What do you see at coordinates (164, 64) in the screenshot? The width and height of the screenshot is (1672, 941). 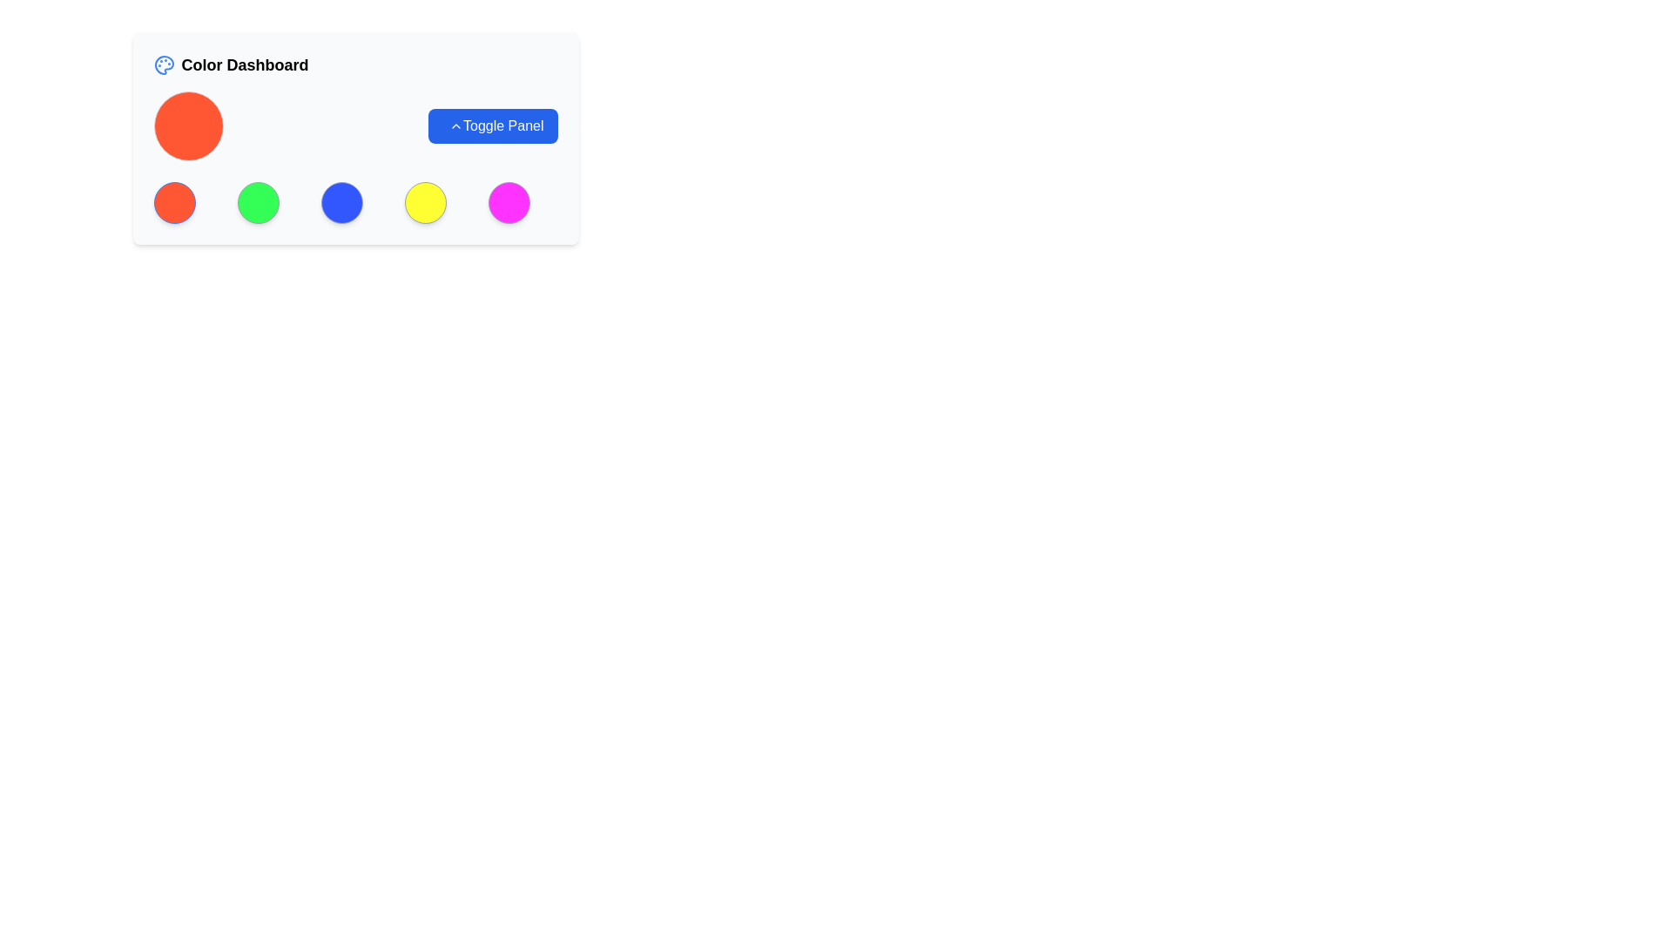 I see `the main circular shape of the palette icon located in the header bar, which is to the left of the 'Color Dashboard' text` at bounding box center [164, 64].